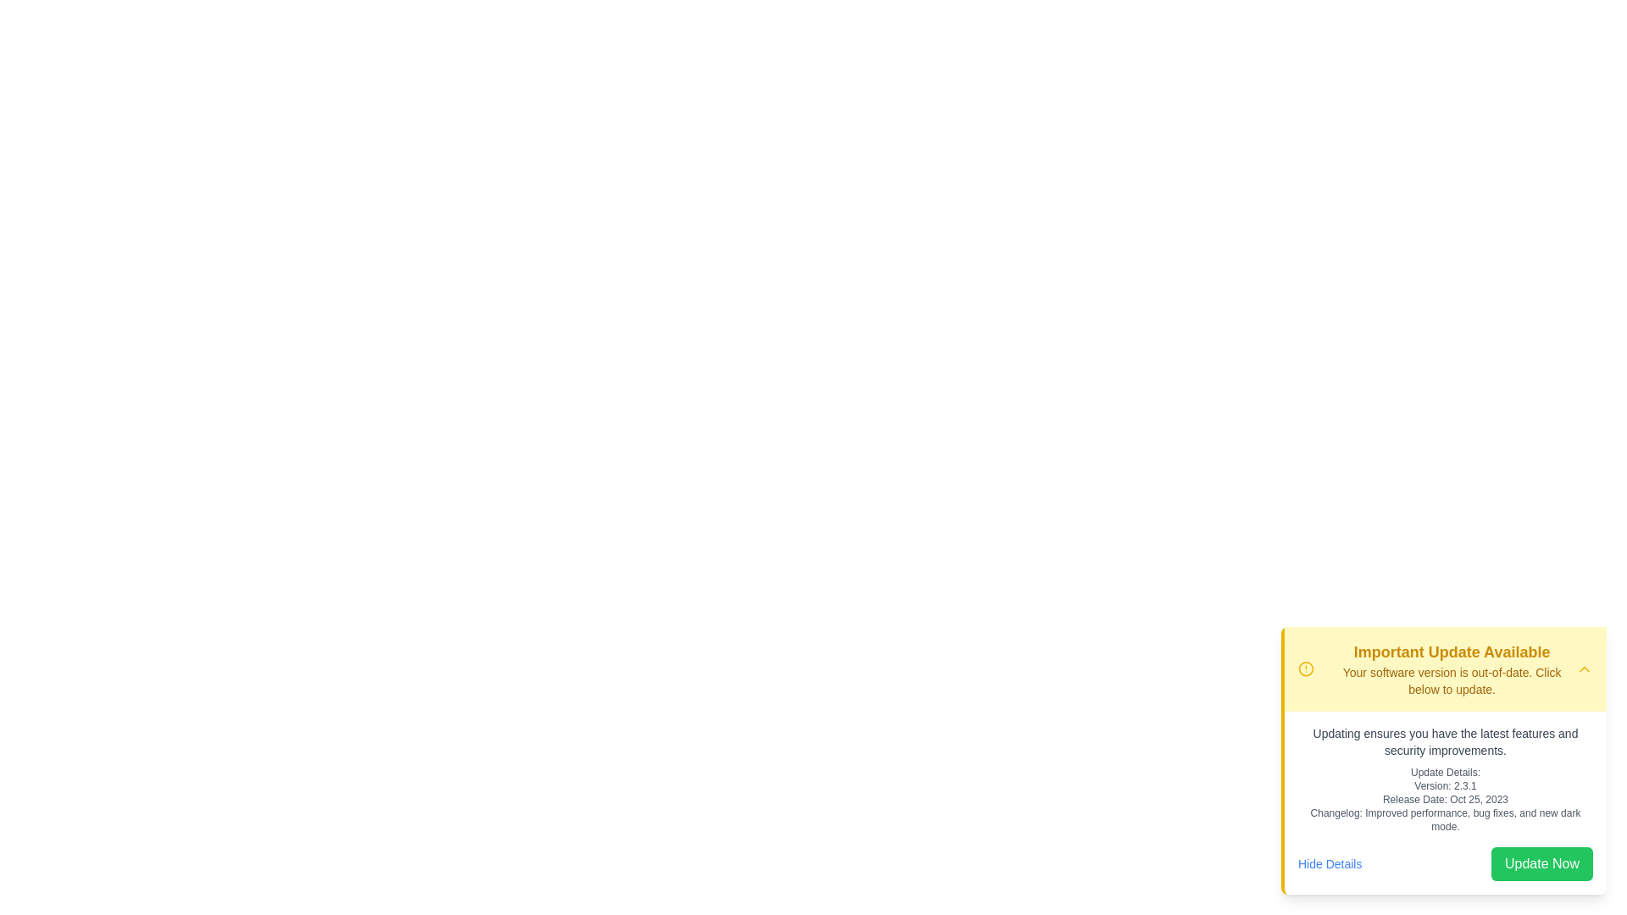 The height and width of the screenshot is (915, 1627). What do you see at coordinates (1541, 863) in the screenshot?
I see `the call-to-action button located at the bottom right corner of the notification box to initiate the update process` at bounding box center [1541, 863].